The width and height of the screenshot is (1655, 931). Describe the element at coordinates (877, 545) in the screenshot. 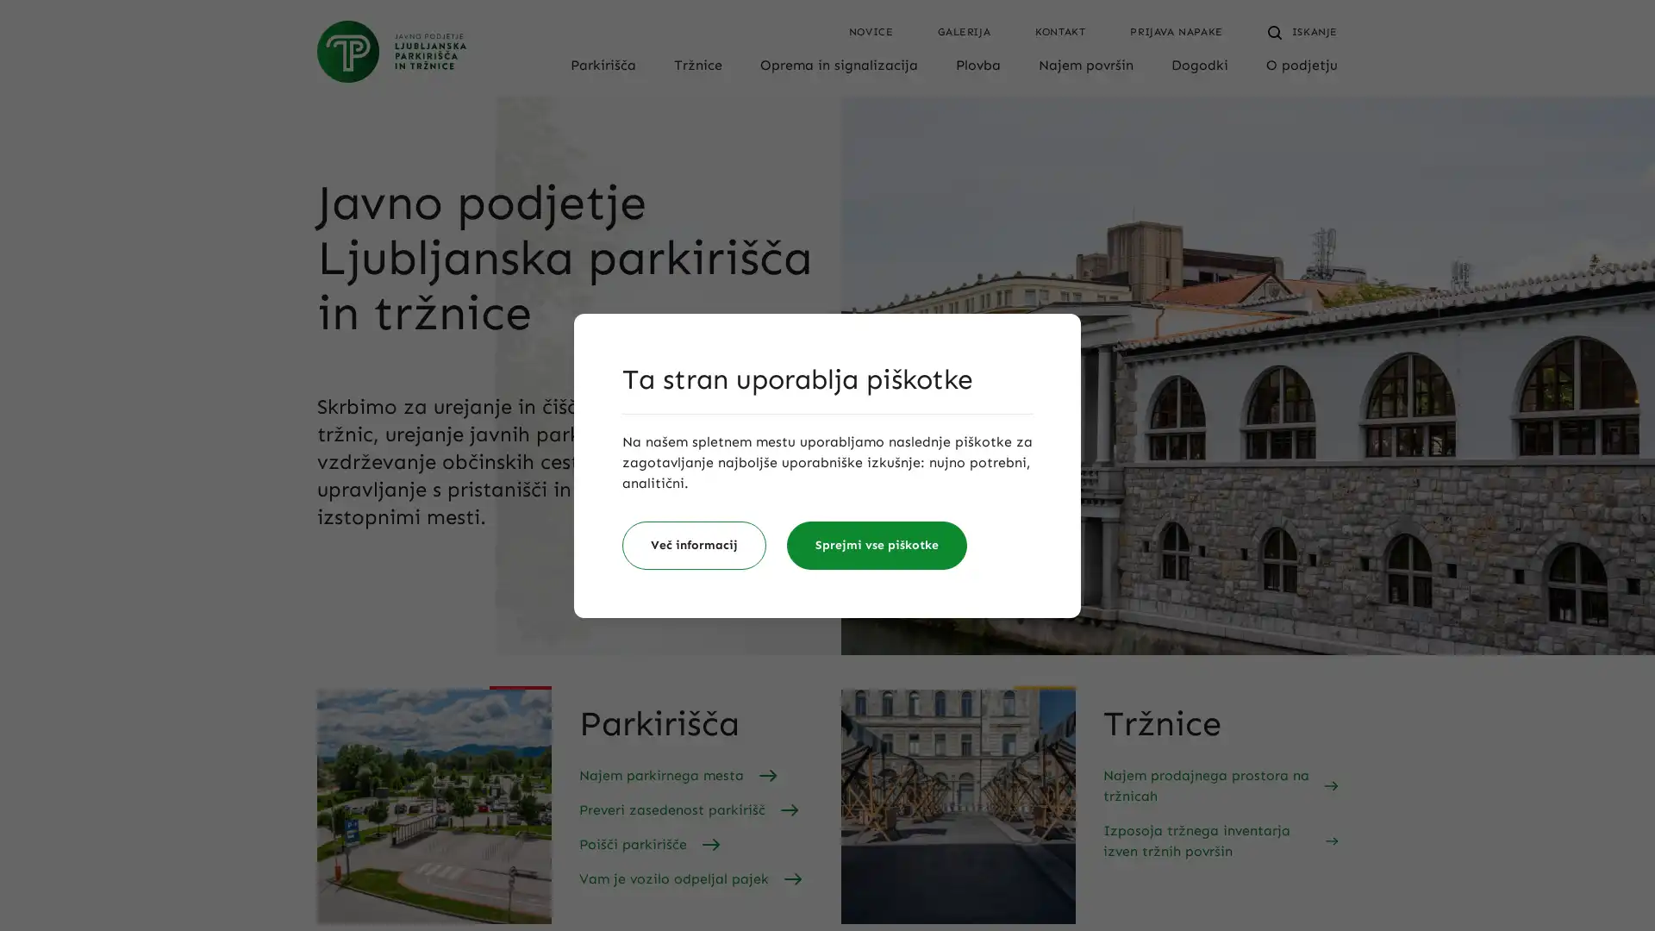

I see `Sprejmi vse piskotke` at that location.